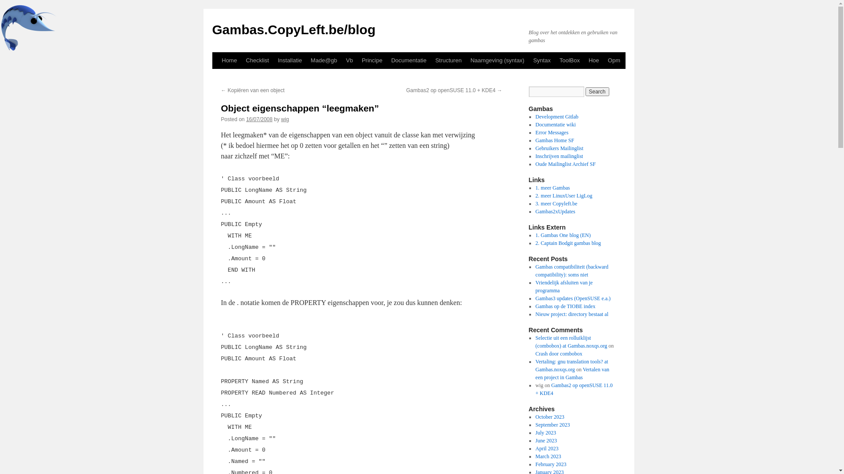 The width and height of the screenshot is (844, 474). Describe the element at coordinates (572, 373) in the screenshot. I see `'Vertalen van een project in Gambas'` at that location.